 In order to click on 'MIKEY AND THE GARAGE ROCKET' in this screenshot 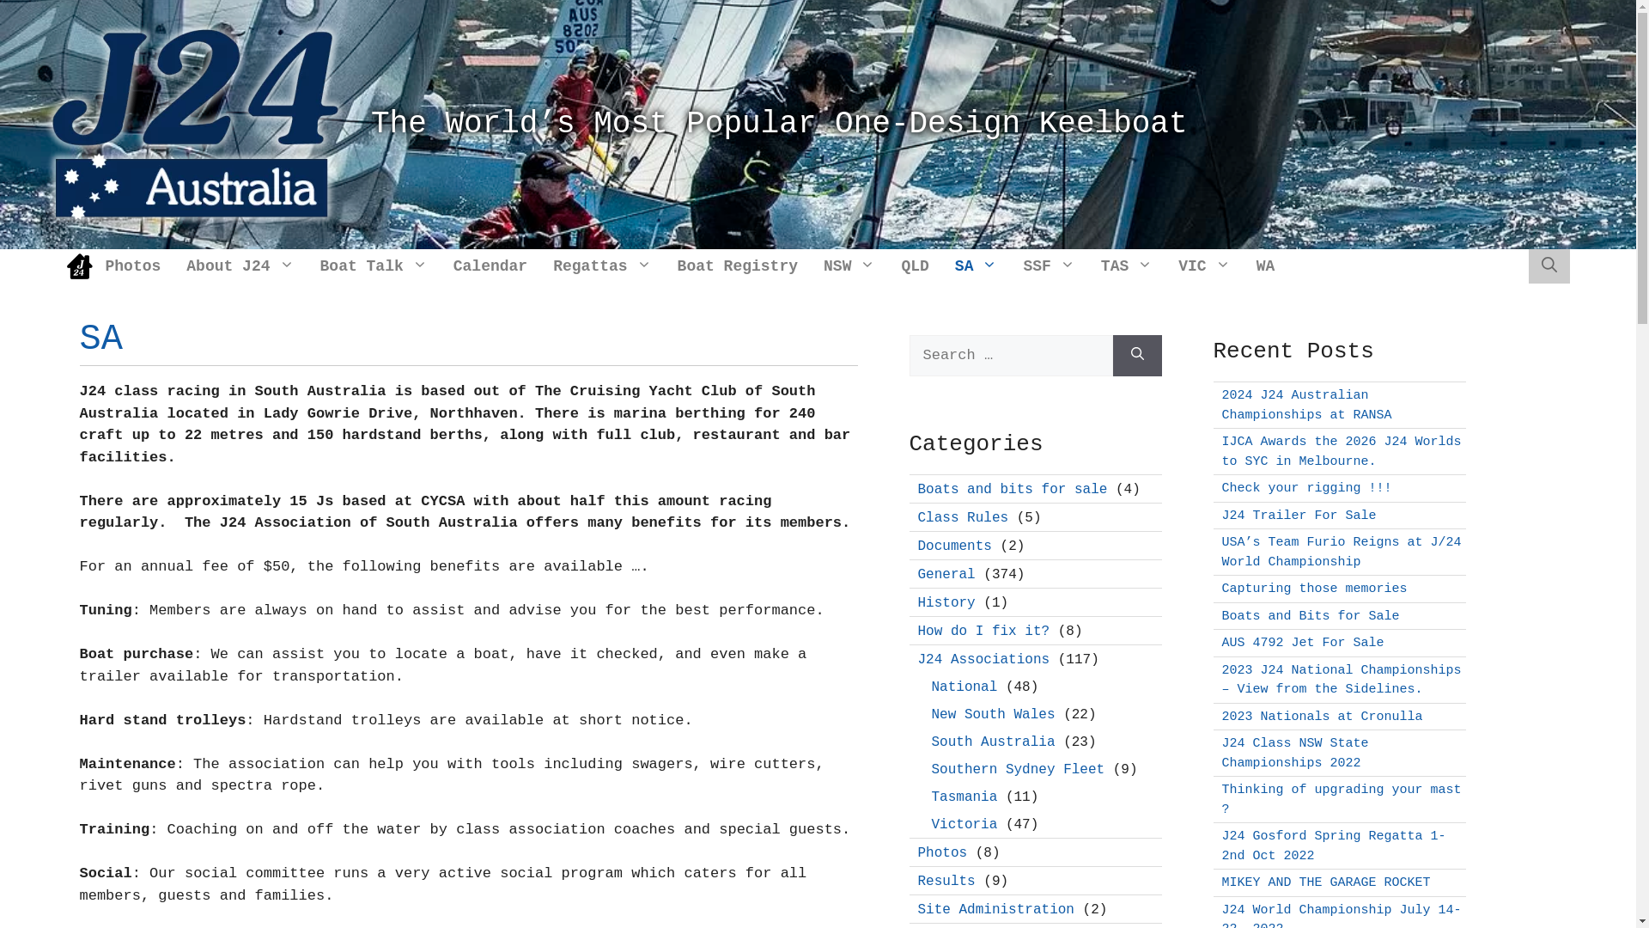, I will do `click(1324, 882)`.